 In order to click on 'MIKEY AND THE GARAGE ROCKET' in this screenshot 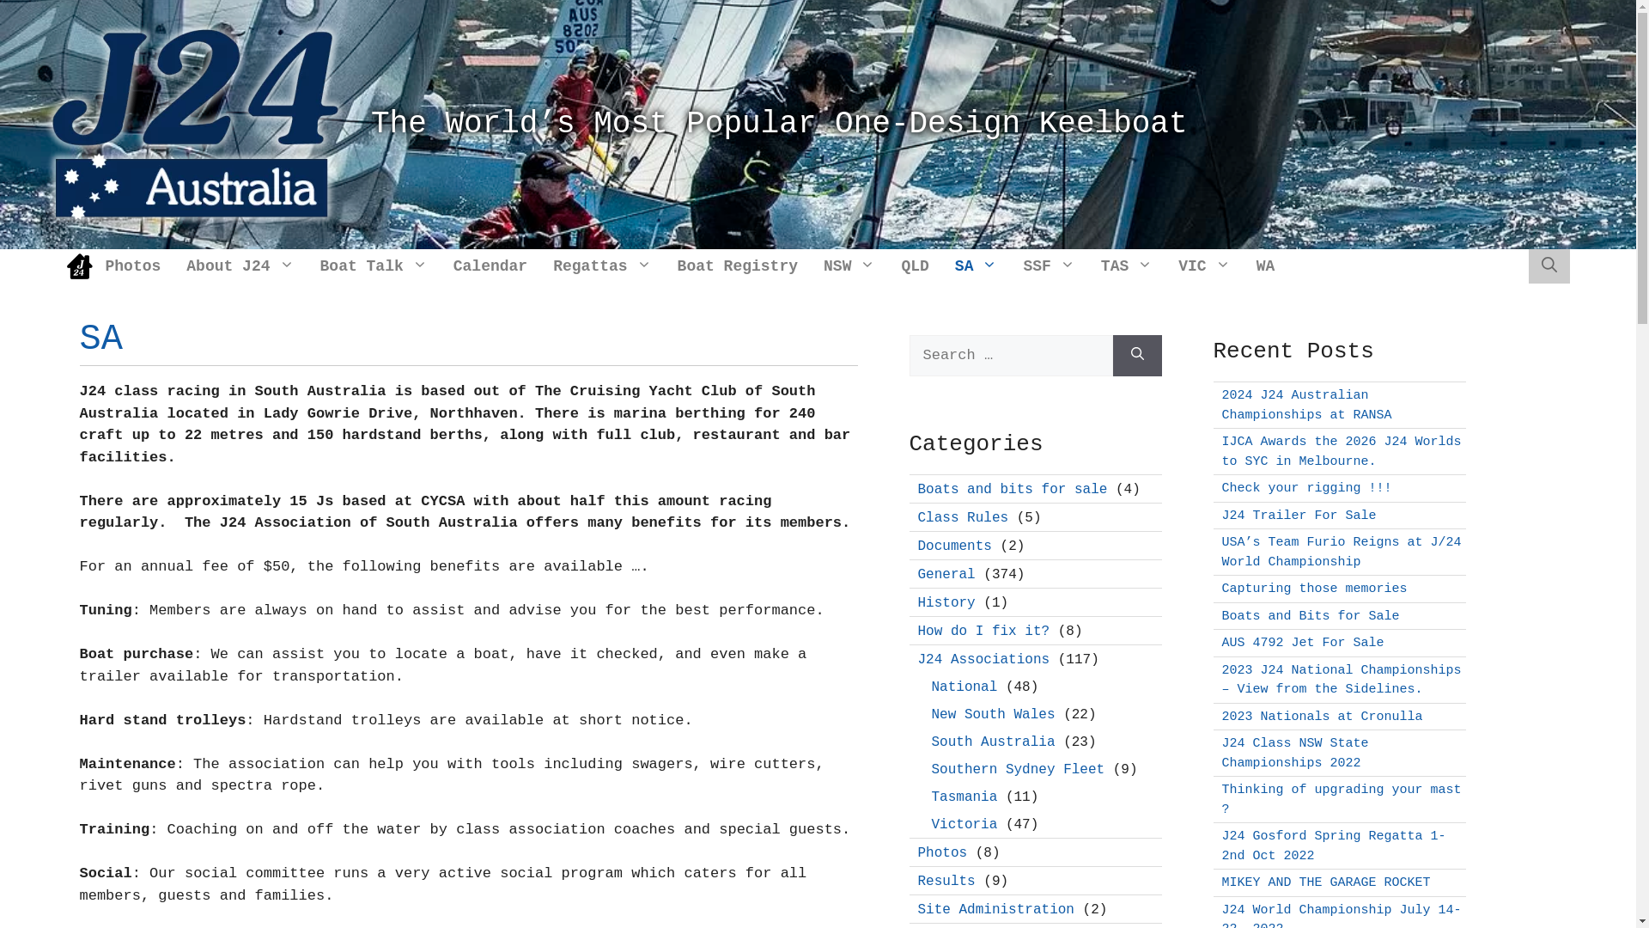, I will do `click(1324, 882)`.